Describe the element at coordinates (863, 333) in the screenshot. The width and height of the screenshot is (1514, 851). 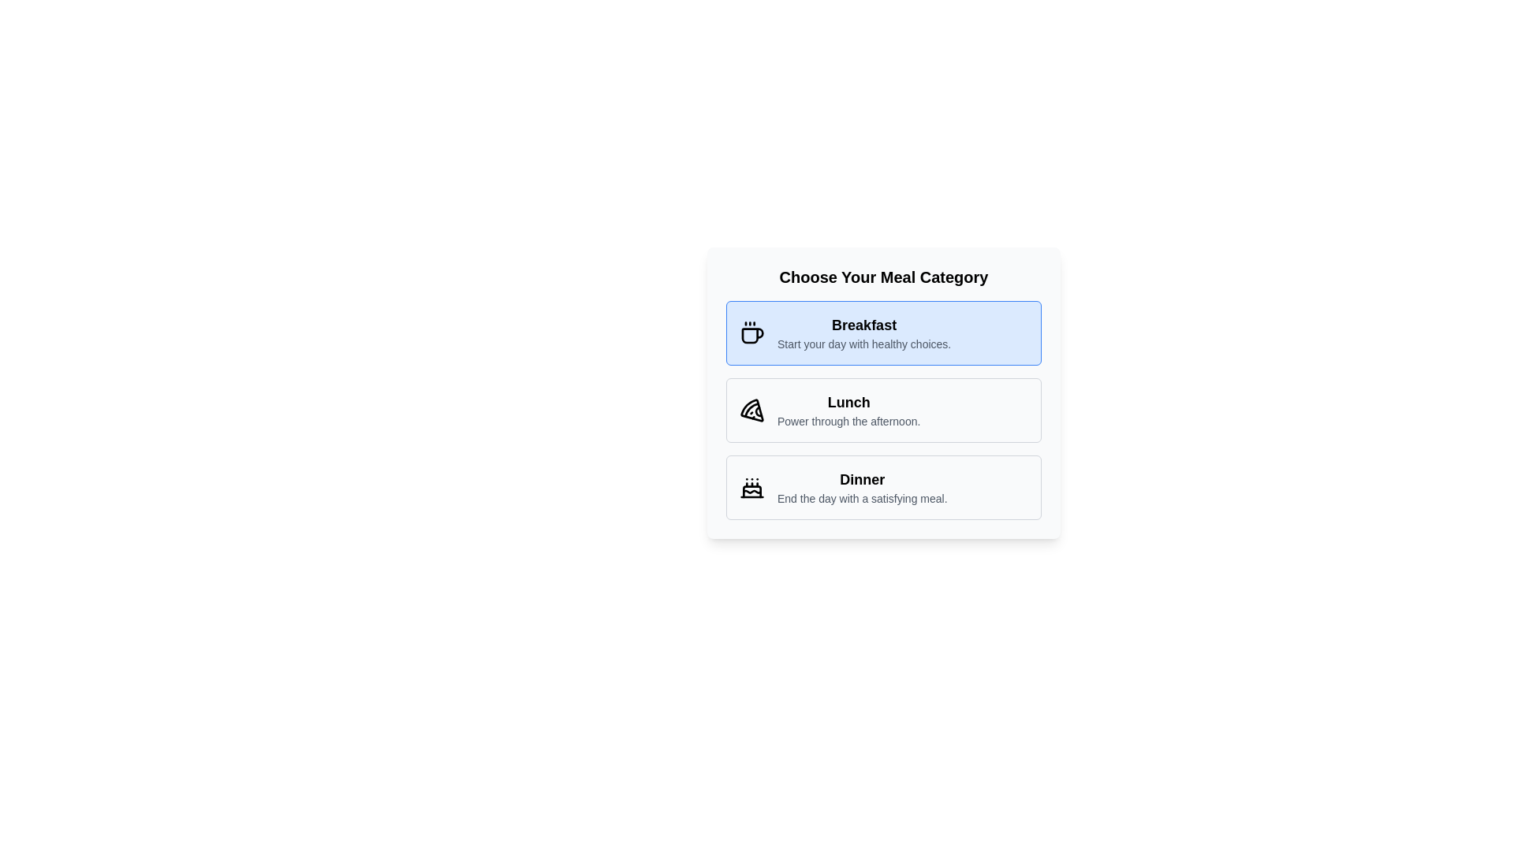
I see `the informational panel titled 'Breakfast' which contains supporting text about healthy choices, located within a light blue rectangular background` at that location.